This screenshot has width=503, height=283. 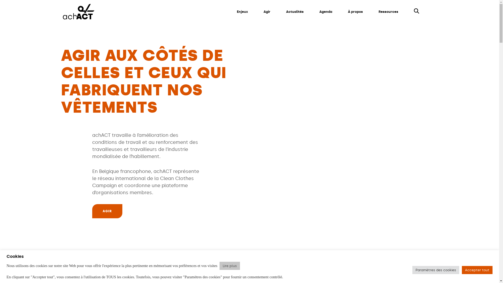 I want to click on 'Lire plus', so click(x=230, y=266).